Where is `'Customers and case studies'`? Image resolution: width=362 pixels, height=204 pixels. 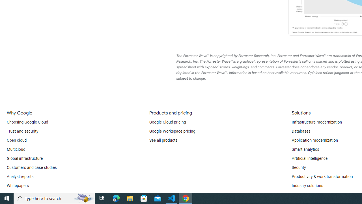 'Customers and case studies' is located at coordinates (31, 167).